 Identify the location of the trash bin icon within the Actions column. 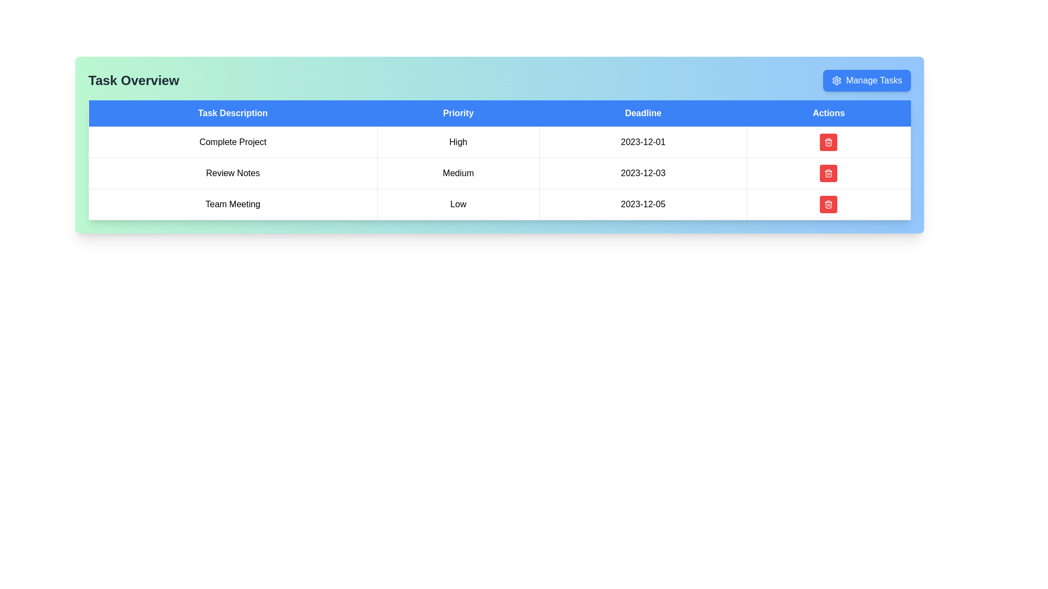
(829, 173).